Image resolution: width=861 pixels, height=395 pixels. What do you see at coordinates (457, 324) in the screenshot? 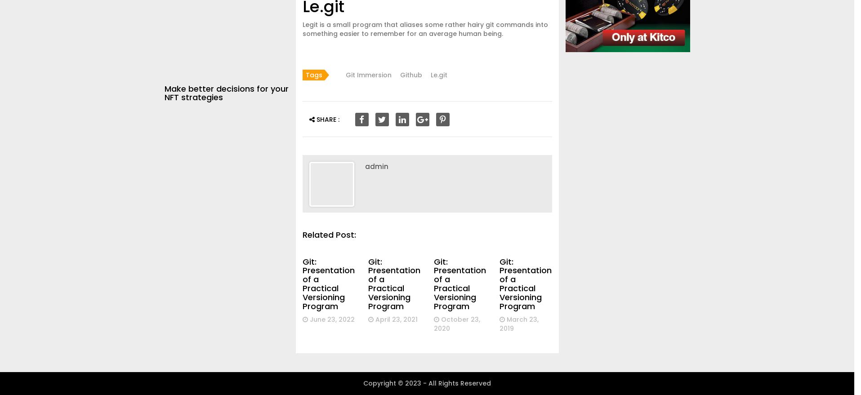
I see `'October 23, 2020'` at bounding box center [457, 324].